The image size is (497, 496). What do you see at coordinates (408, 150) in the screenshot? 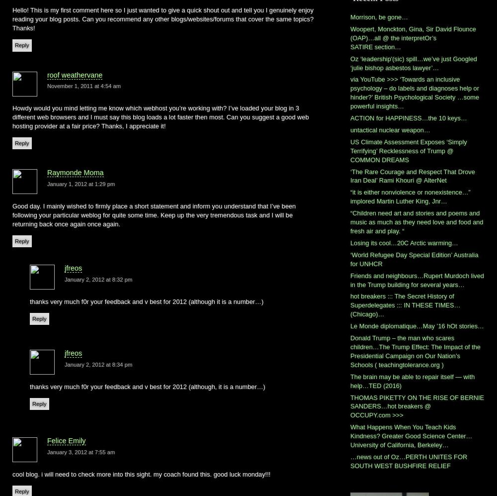
I see `'US Climate Assessment Exposes ‘Simply Terrifying’ Recklessness of Trump @ COMMON DREAMS'` at bounding box center [408, 150].